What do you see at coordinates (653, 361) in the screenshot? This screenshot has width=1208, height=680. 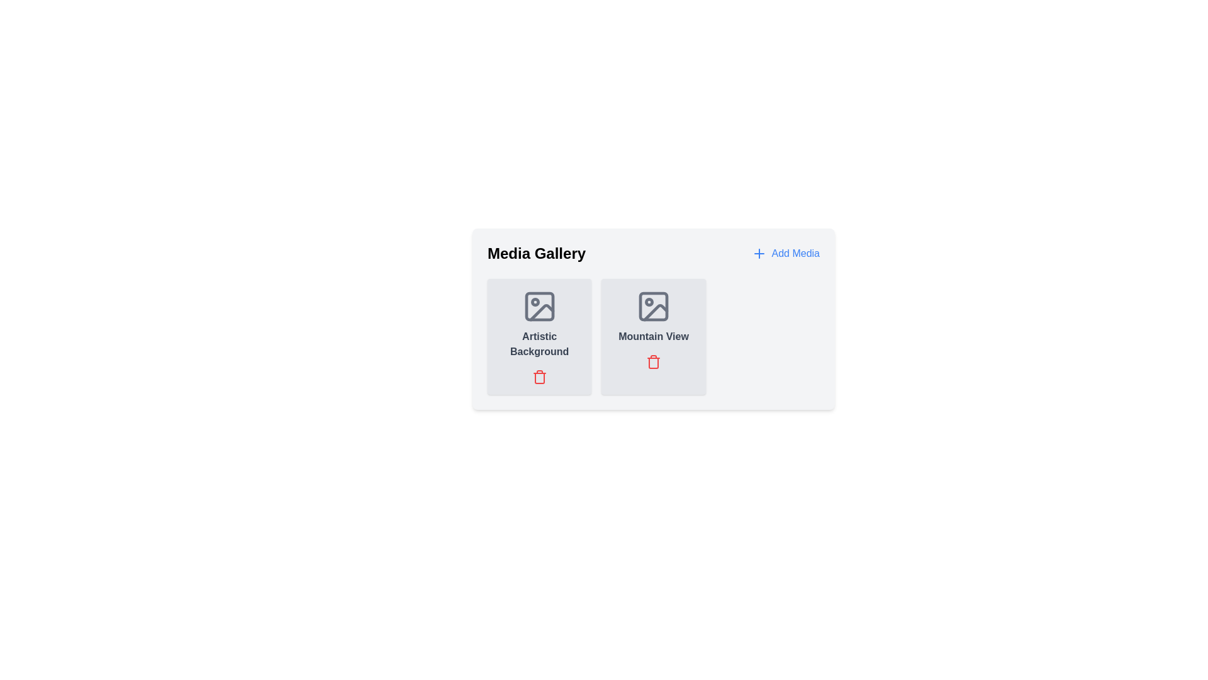 I see `the delete button for the 'Mountain View' media item located at the bottom center of its card in the 'Media Gallery' section` at bounding box center [653, 361].